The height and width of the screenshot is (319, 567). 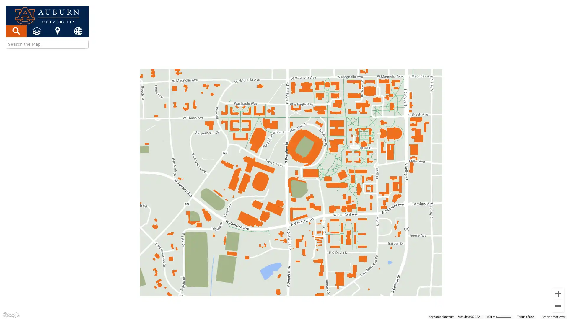 I want to click on Zoom in, so click(x=558, y=294).